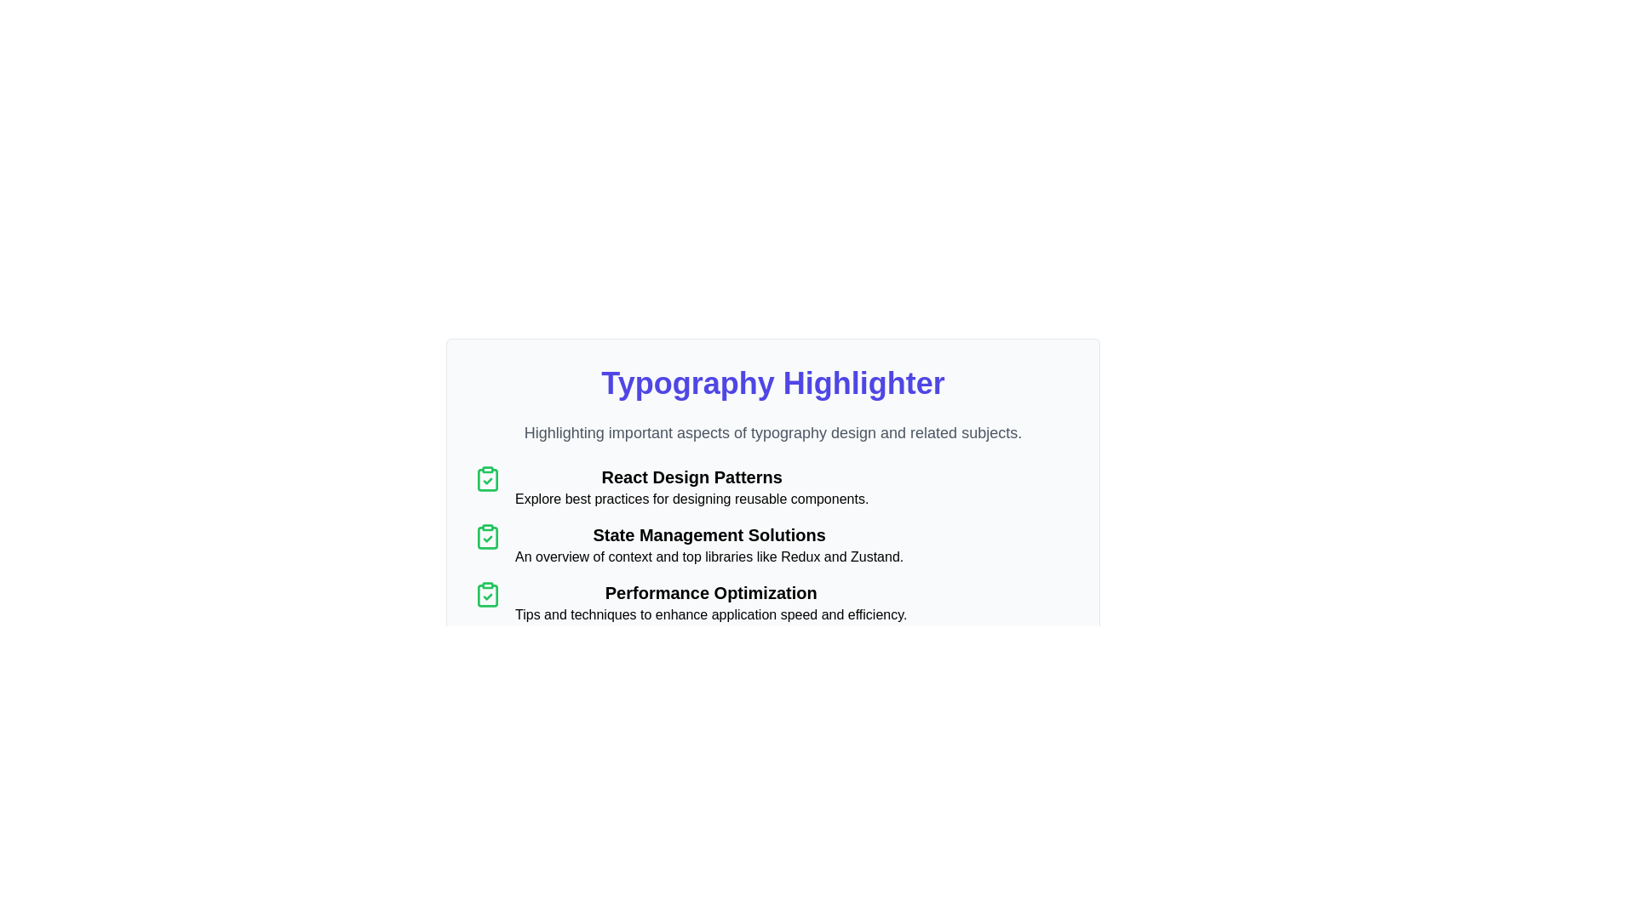 The image size is (1635, 919). What do you see at coordinates (709, 534) in the screenshot?
I see `the text heading 'State Management Solutions'` at bounding box center [709, 534].